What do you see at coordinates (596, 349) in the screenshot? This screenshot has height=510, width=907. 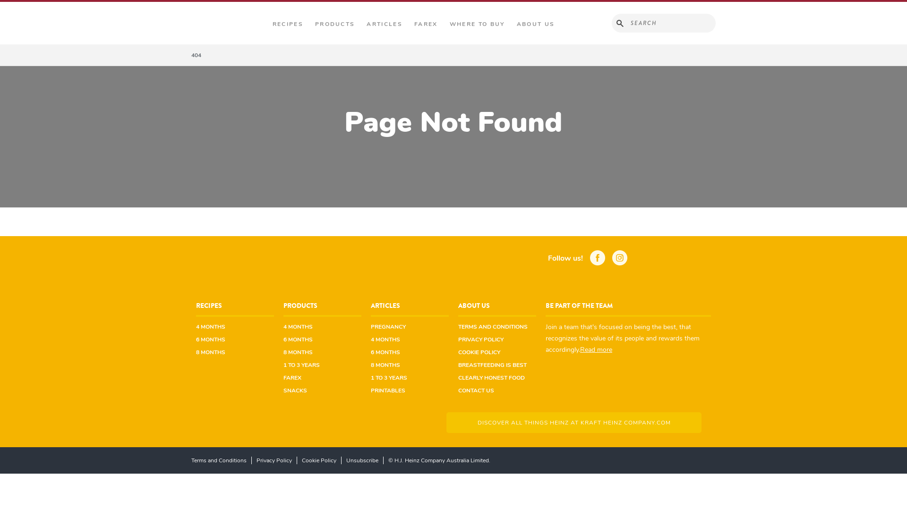 I see `'Read more'` at bounding box center [596, 349].